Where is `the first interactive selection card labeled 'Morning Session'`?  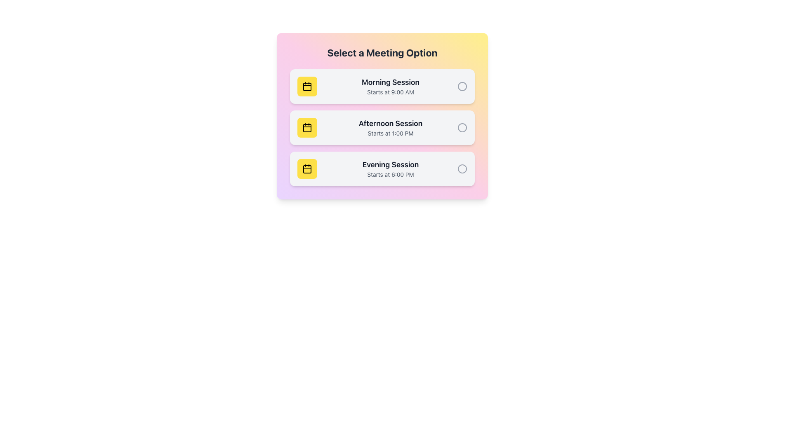 the first interactive selection card labeled 'Morning Session' is located at coordinates (382, 86).